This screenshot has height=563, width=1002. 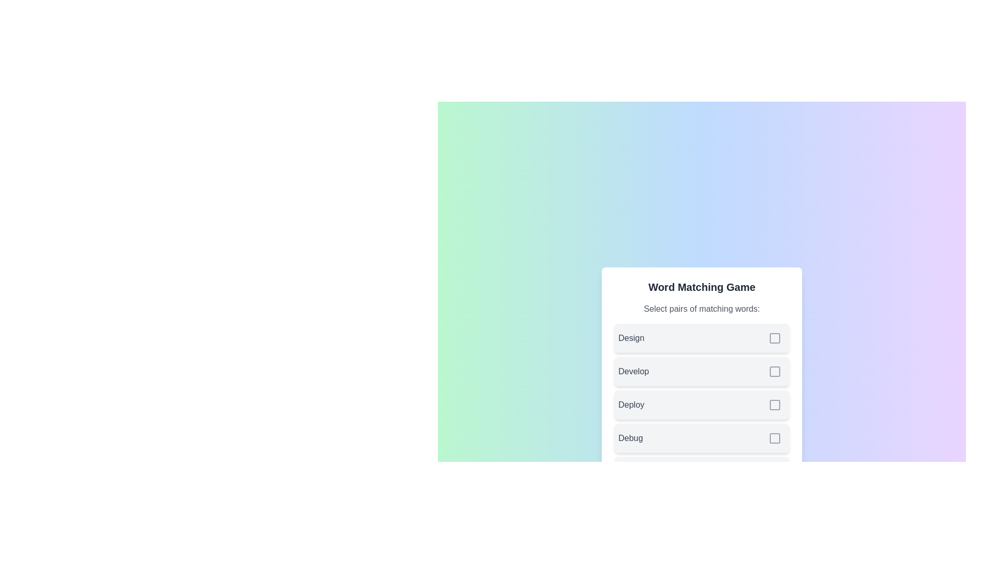 What do you see at coordinates (774, 371) in the screenshot?
I see `the checkbox corresponding to the word Develop` at bounding box center [774, 371].